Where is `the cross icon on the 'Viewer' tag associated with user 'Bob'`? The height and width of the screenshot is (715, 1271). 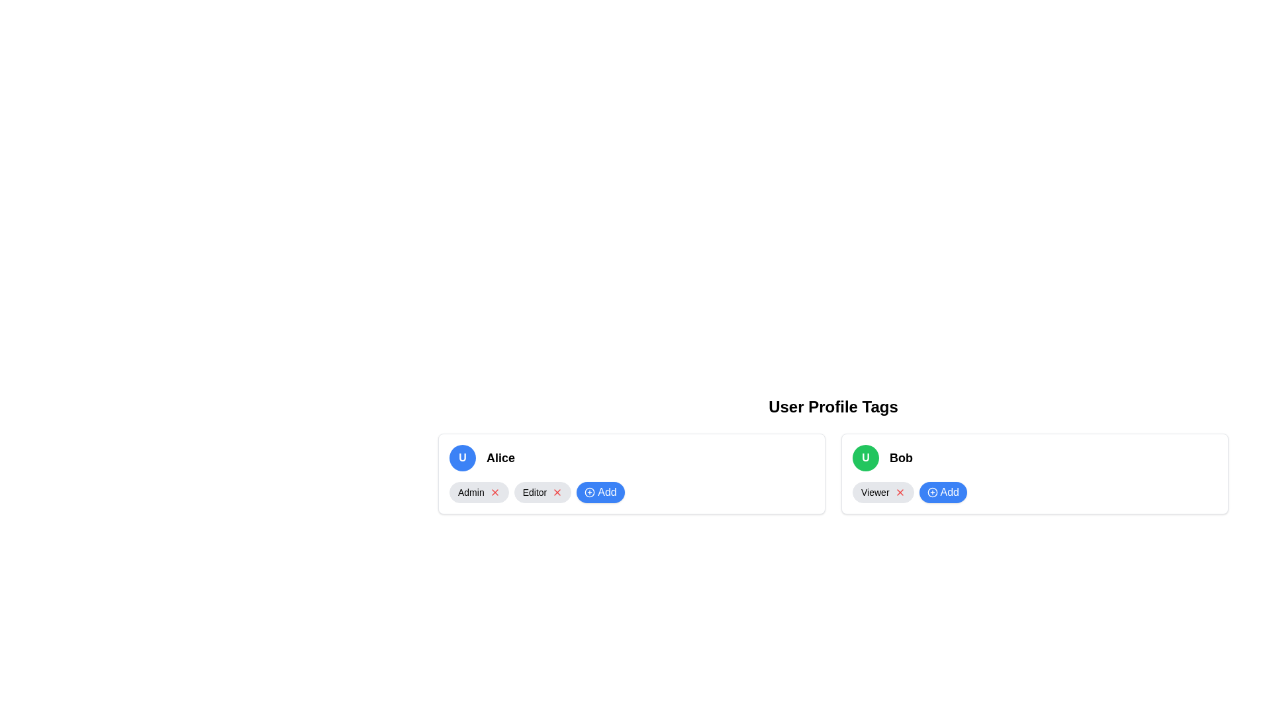 the cross icon on the 'Viewer' tag associated with user 'Bob' is located at coordinates (883, 493).